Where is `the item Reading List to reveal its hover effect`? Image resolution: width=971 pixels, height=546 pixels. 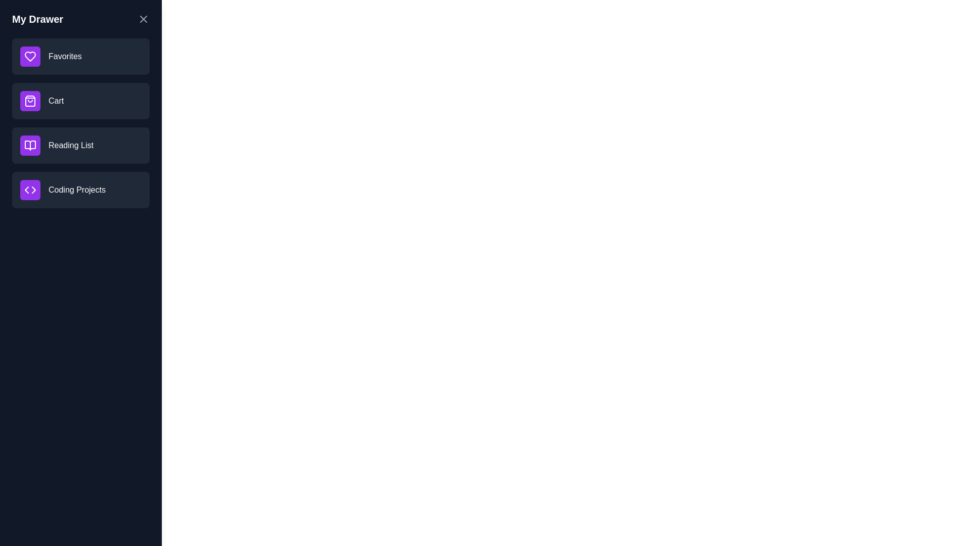
the item Reading List to reveal its hover effect is located at coordinates (80, 146).